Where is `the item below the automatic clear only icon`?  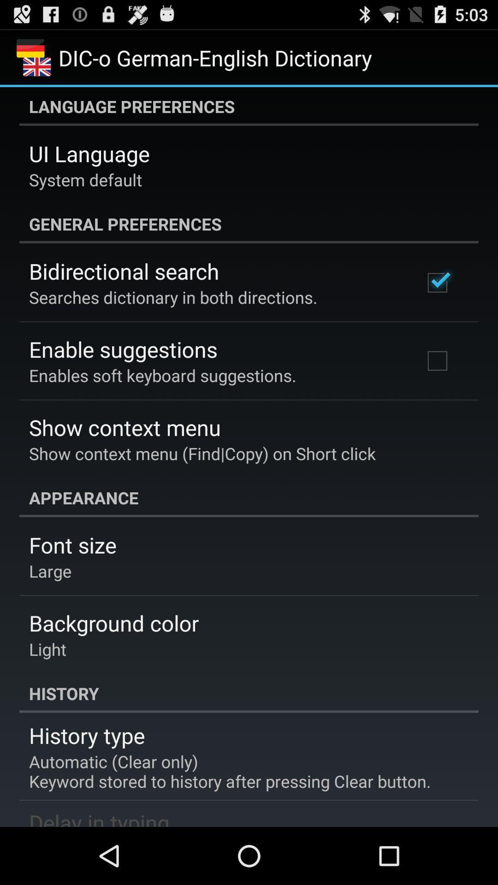
the item below the automatic clear only icon is located at coordinates (99, 817).